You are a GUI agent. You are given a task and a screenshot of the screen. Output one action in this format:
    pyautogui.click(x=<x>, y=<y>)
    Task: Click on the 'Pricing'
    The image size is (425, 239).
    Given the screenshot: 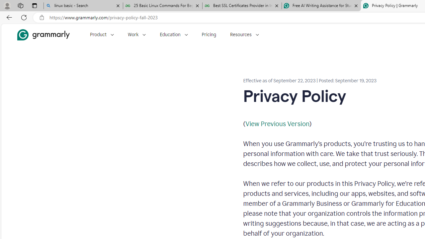 What is the action you would take?
    pyautogui.click(x=209, y=35)
    